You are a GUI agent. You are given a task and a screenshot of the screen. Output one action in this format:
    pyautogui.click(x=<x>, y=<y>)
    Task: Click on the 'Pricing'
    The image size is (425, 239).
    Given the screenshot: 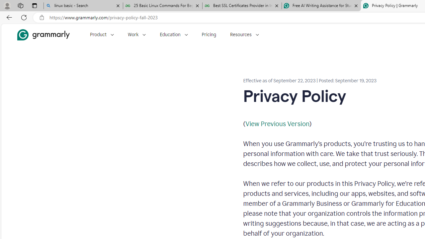 What is the action you would take?
    pyautogui.click(x=209, y=35)
    